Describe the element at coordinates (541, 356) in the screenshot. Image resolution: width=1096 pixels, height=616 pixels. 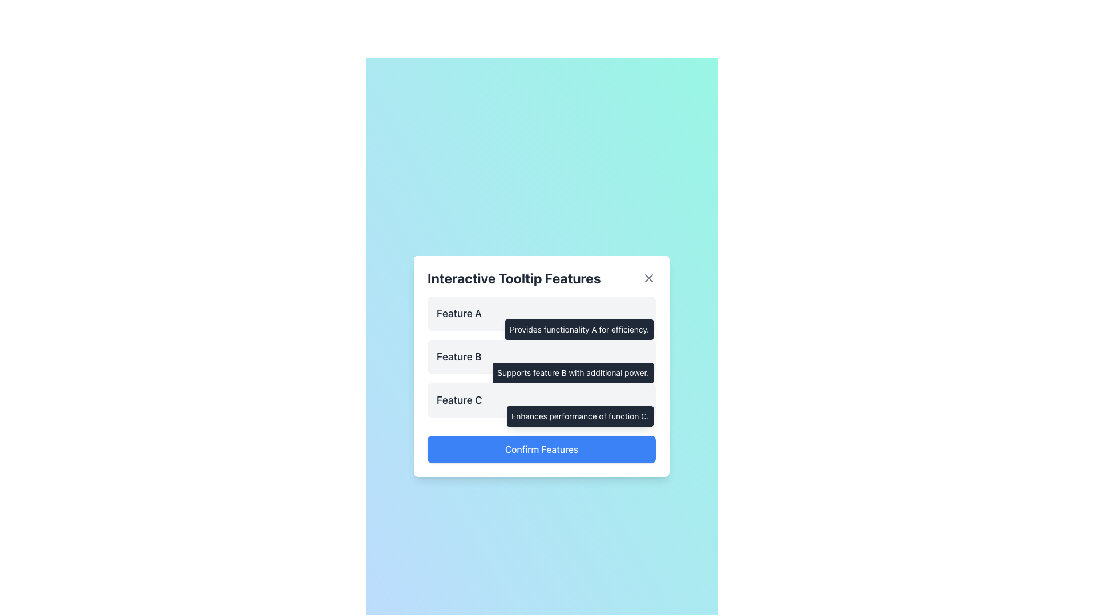
I see `the second feature in the Informational Text Section of the card-like interface, which contains a bold title and descriptive text, positioned between 'Feature A' and 'Feature C'` at that location.